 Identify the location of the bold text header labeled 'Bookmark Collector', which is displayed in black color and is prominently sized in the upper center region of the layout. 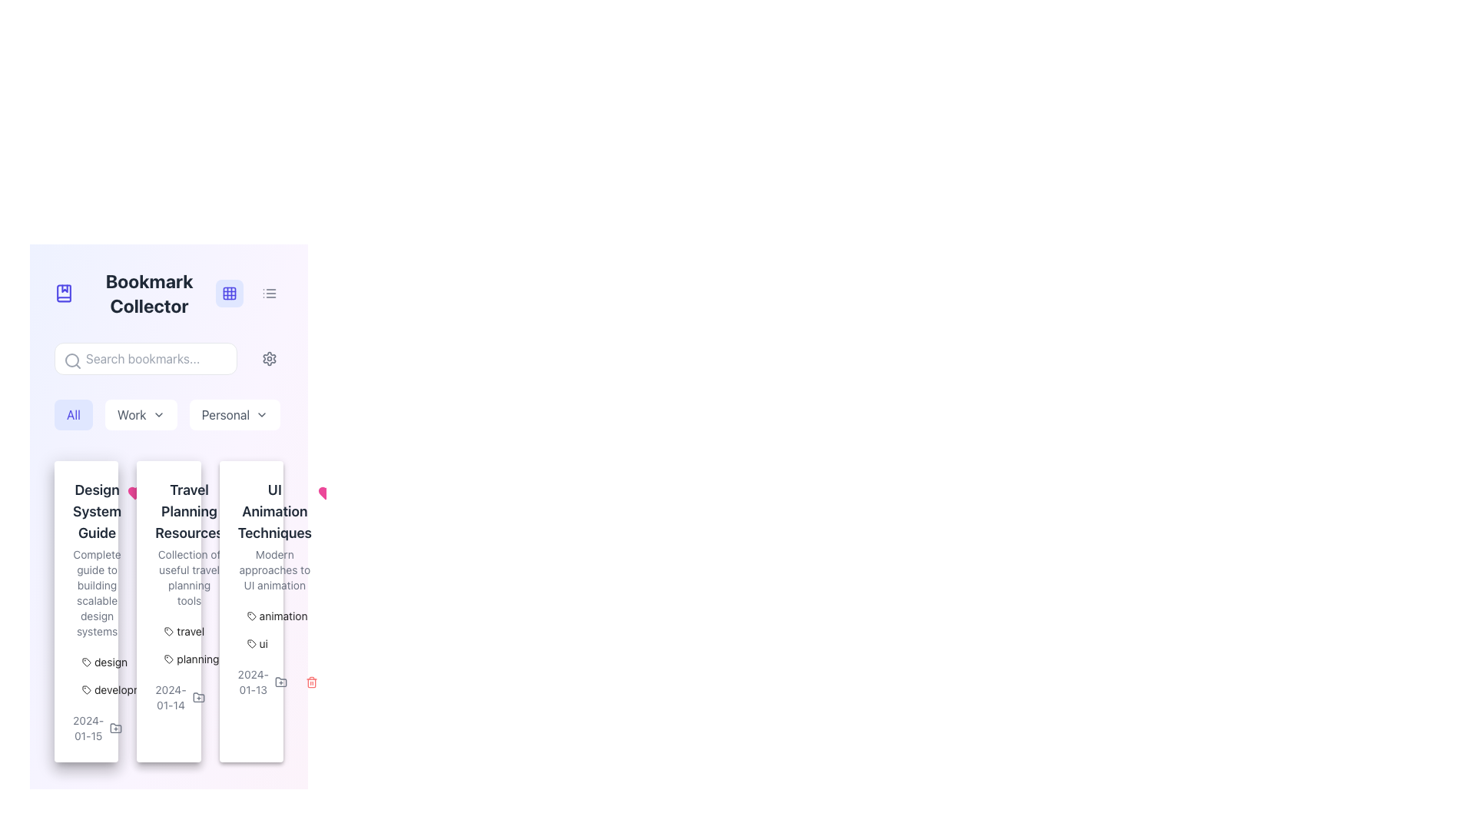
(149, 293).